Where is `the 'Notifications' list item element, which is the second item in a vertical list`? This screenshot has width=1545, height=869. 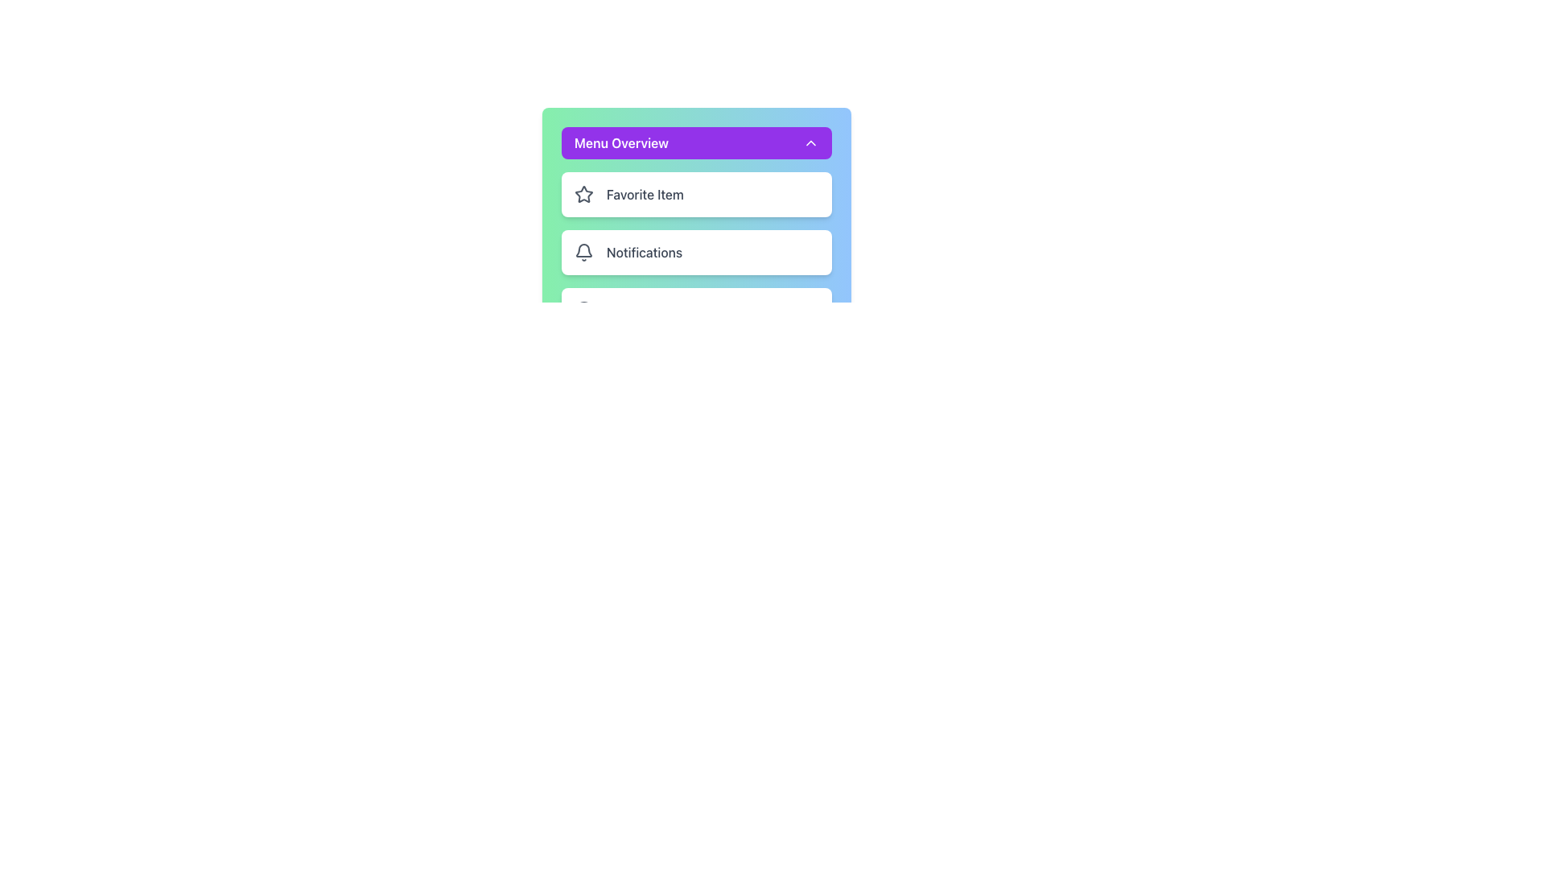 the 'Notifications' list item element, which is the second item in a vertical list is located at coordinates (696, 229).